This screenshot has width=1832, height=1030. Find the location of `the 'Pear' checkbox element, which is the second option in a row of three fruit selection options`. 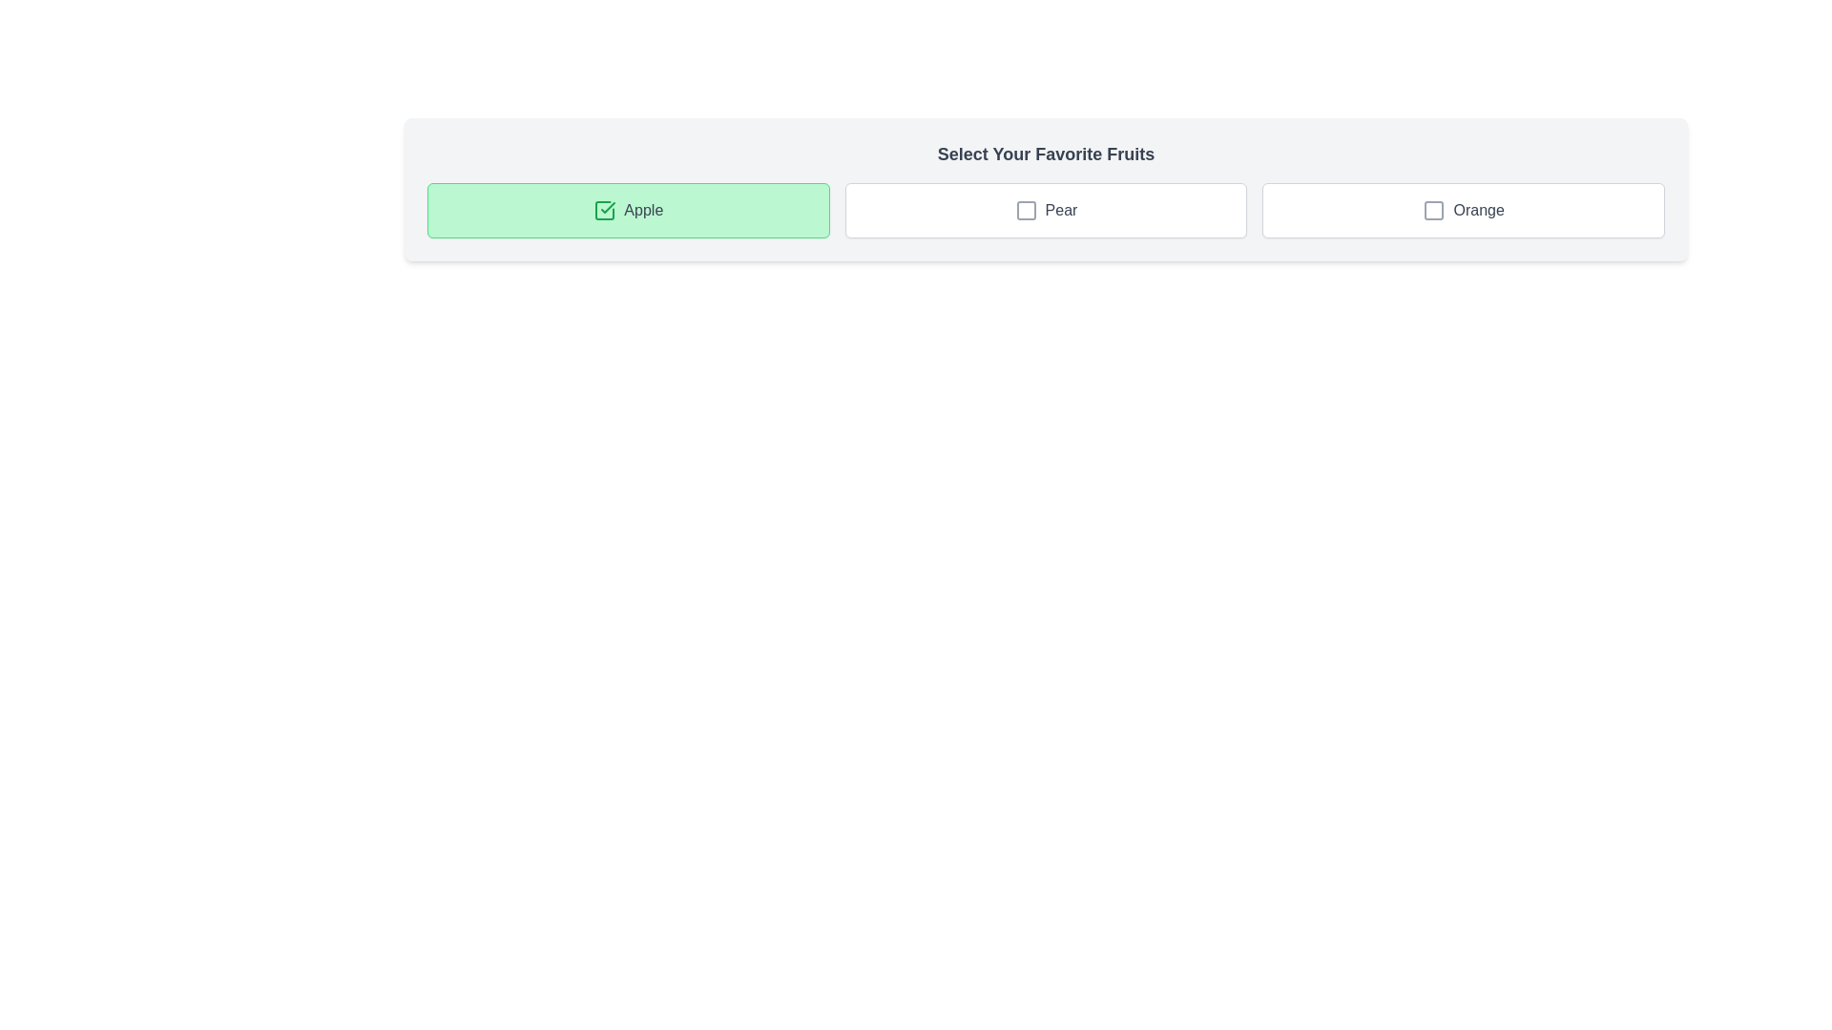

the 'Pear' checkbox element, which is the second option in a row of three fruit selection options is located at coordinates (1045, 210).